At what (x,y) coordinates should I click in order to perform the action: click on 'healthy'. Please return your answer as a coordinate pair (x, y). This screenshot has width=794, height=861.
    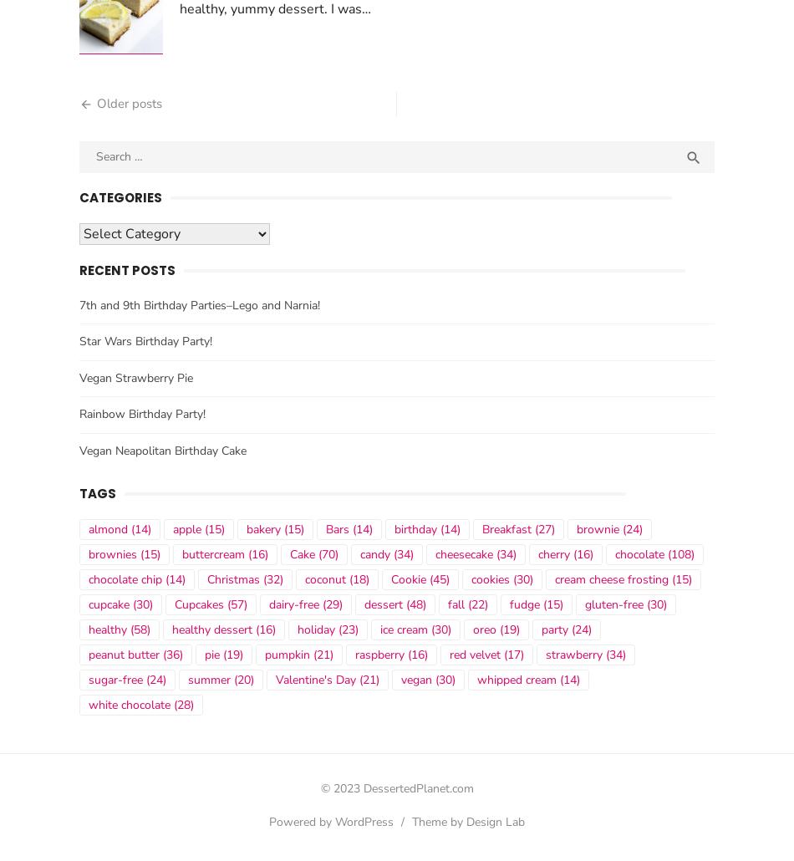
    Looking at the image, I should click on (108, 634).